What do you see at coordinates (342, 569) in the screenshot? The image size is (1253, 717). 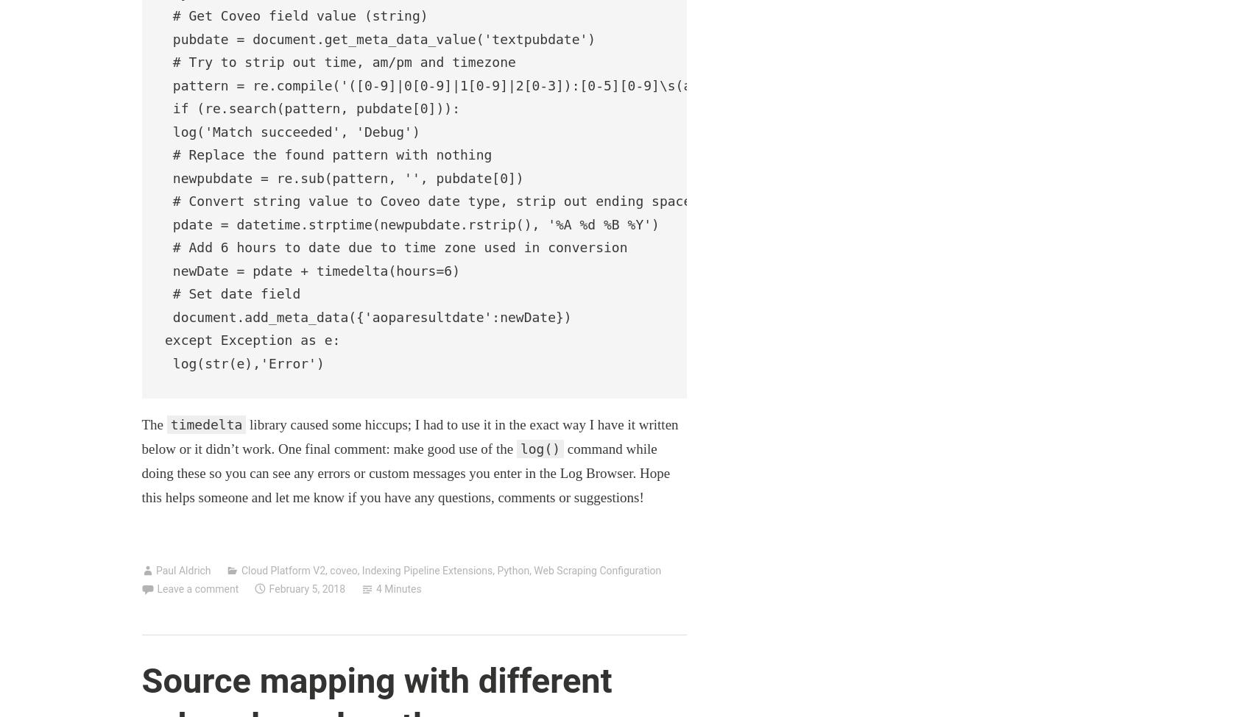 I see `'coveo'` at bounding box center [342, 569].